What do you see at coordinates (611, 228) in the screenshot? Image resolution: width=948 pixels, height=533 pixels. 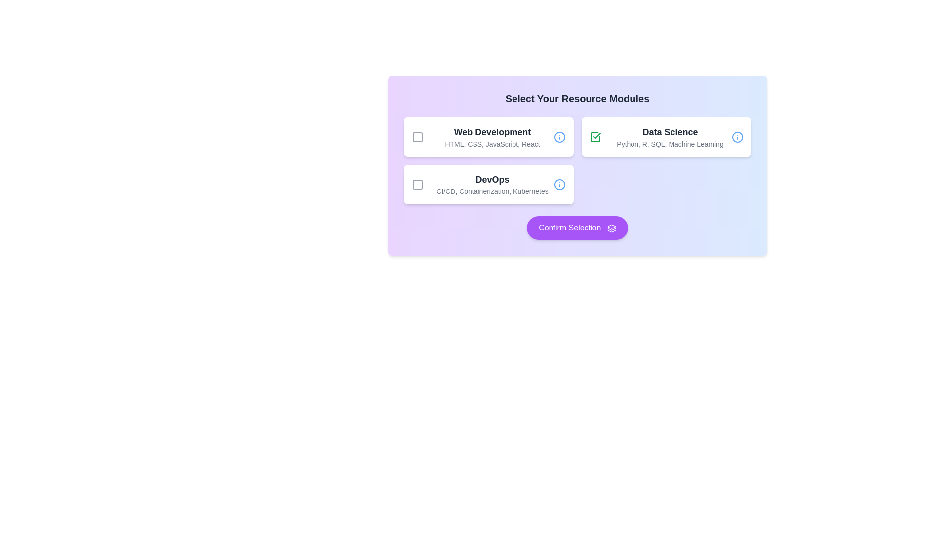 I see `the icon next to the 'Confirm Selection' button, which is a rounded purple button located in the lower middle part of the interface panel` at bounding box center [611, 228].